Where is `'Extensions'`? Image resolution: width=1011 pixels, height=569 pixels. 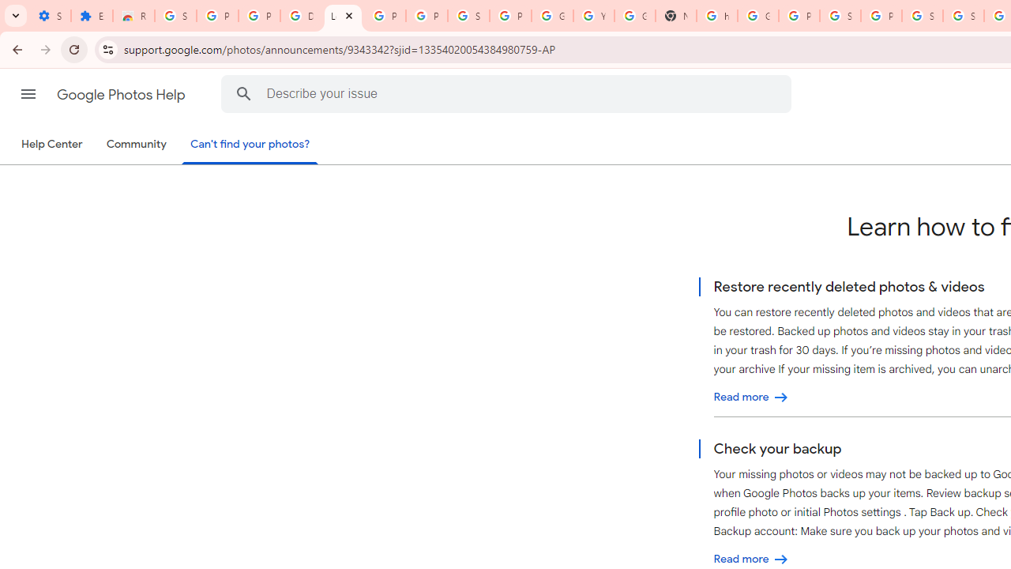 'Extensions' is located at coordinates (91, 16).